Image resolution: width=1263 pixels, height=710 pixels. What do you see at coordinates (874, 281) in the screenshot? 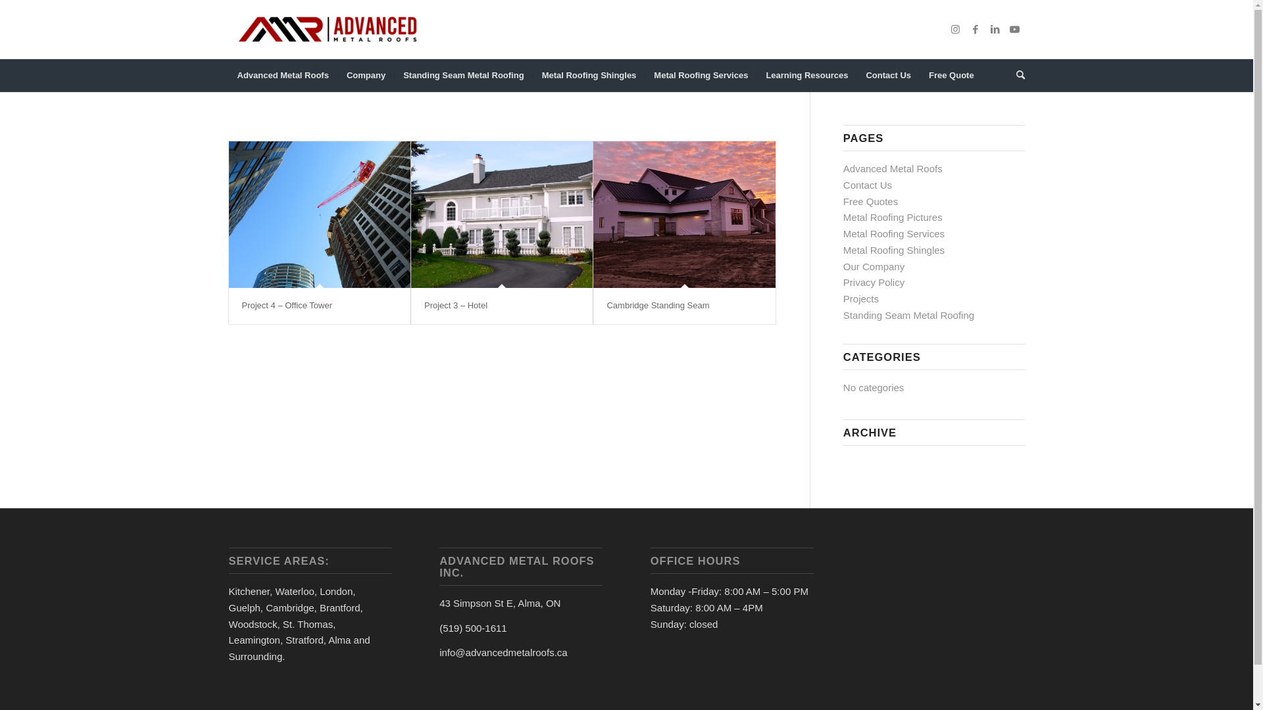
I see `'Privacy Policy'` at bounding box center [874, 281].